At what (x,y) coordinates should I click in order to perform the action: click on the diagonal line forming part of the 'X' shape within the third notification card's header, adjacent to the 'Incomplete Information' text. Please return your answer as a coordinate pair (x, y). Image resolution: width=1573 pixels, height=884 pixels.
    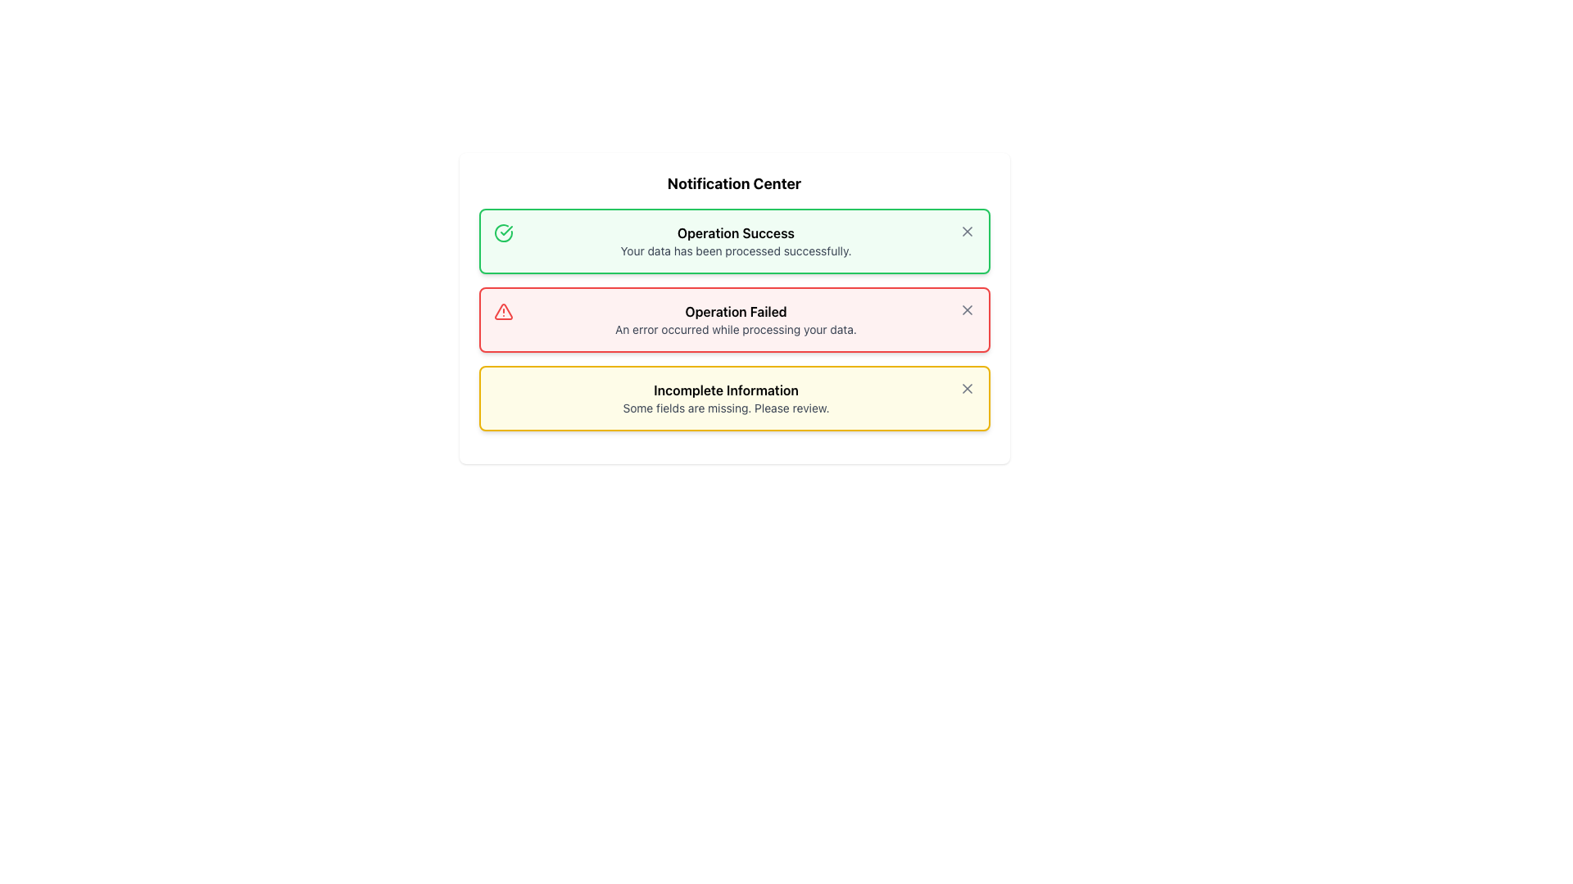
    Looking at the image, I should click on (967, 388).